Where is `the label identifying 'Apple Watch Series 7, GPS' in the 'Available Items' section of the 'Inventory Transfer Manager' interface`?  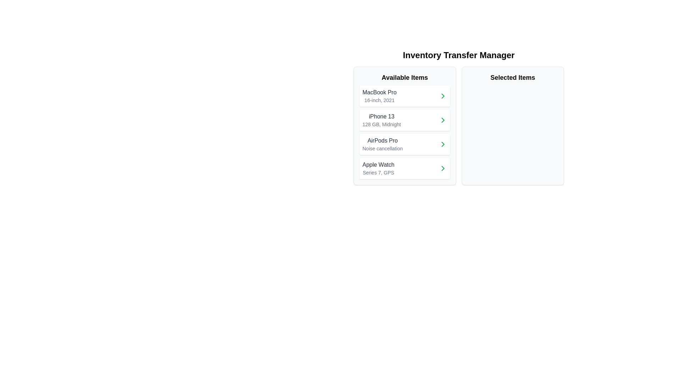 the label identifying 'Apple Watch Series 7, GPS' in the 'Available Items' section of the 'Inventory Transfer Manager' interface is located at coordinates (378, 168).